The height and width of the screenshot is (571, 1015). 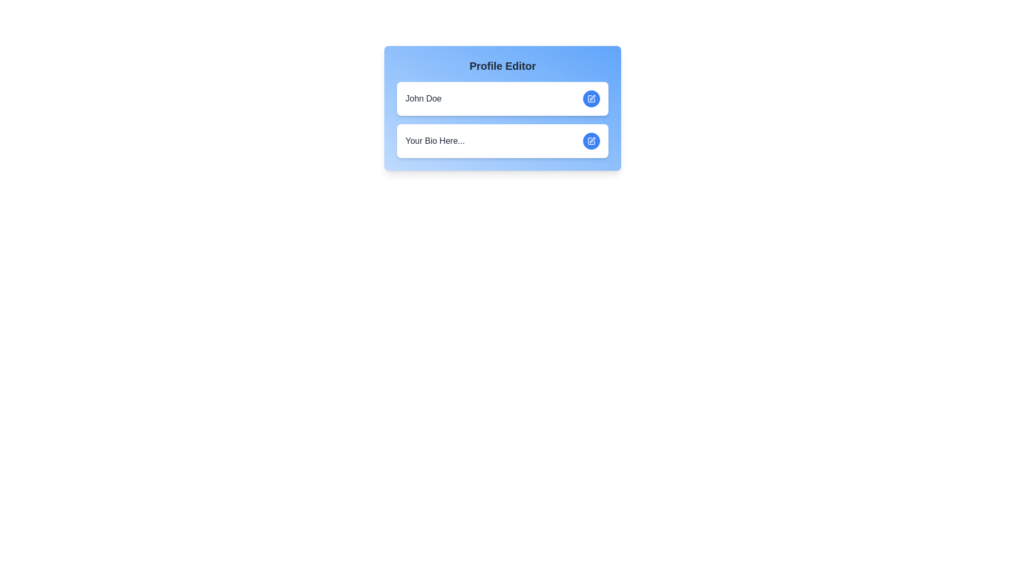 What do you see at coordinates (590, 98) in the screenshot?
I see `the pen icon within the solid blue circular button` at bounding box center [590, 98].